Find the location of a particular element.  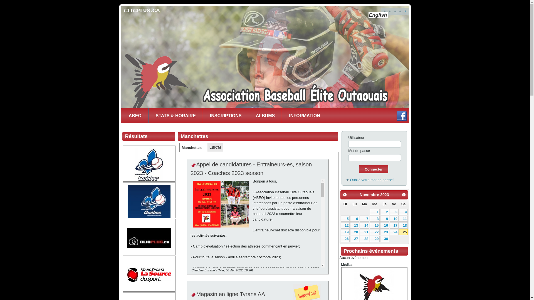

'19' is located at coordinates (340, 232).